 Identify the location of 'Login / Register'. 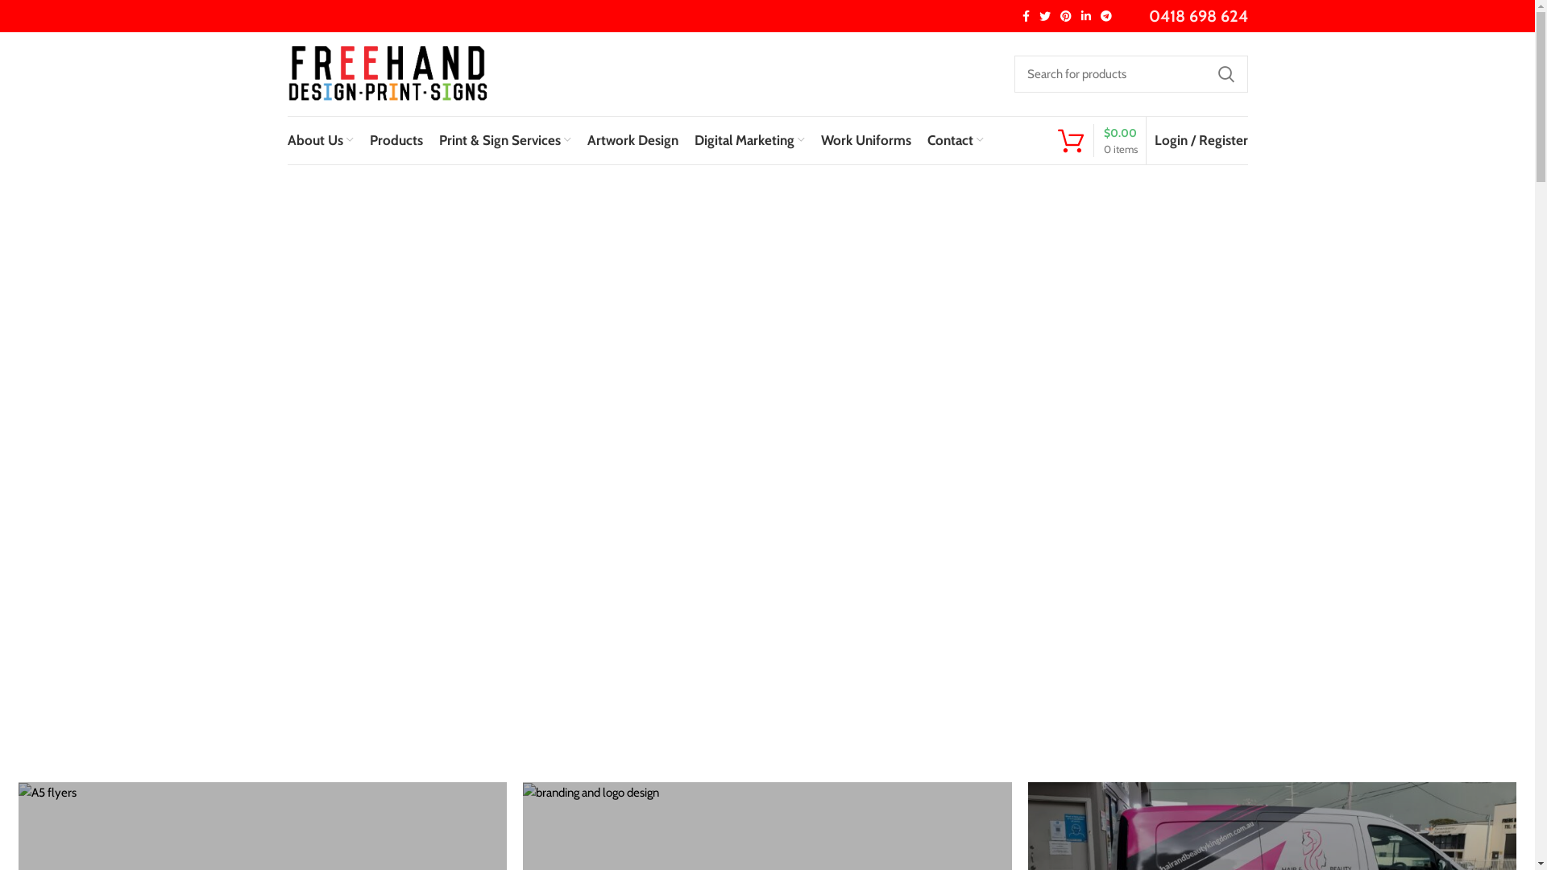
(1200, 139).